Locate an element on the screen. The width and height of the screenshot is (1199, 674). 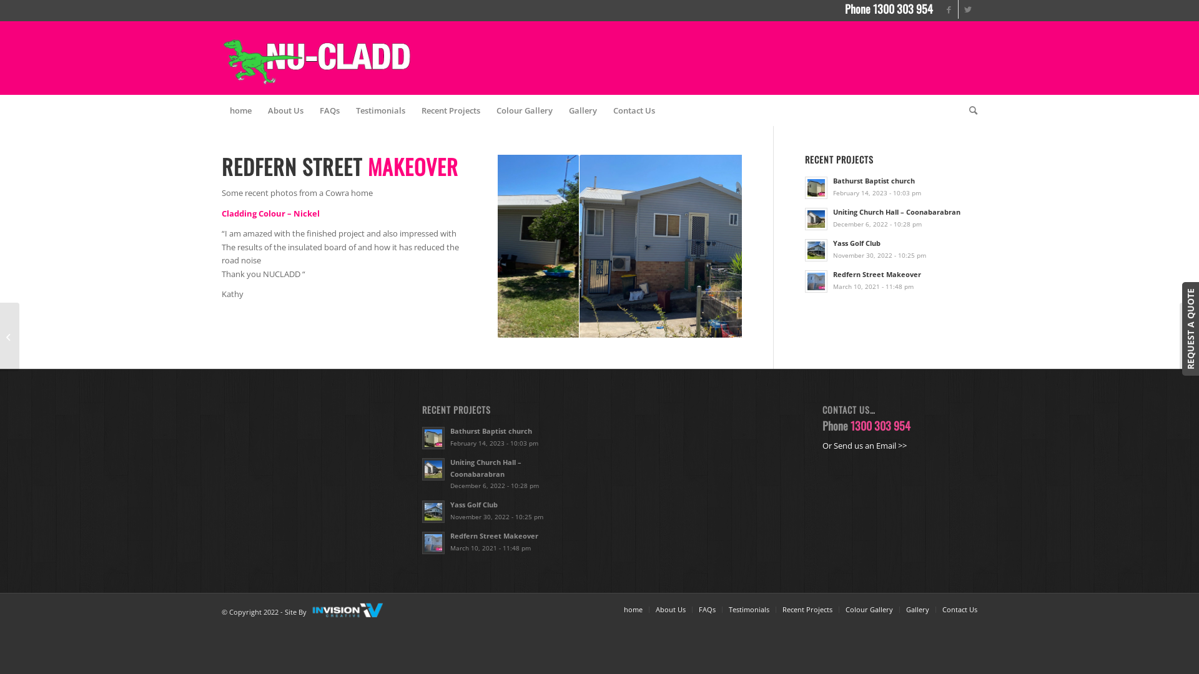
'Facebook' is located at coordinates (949, 9).